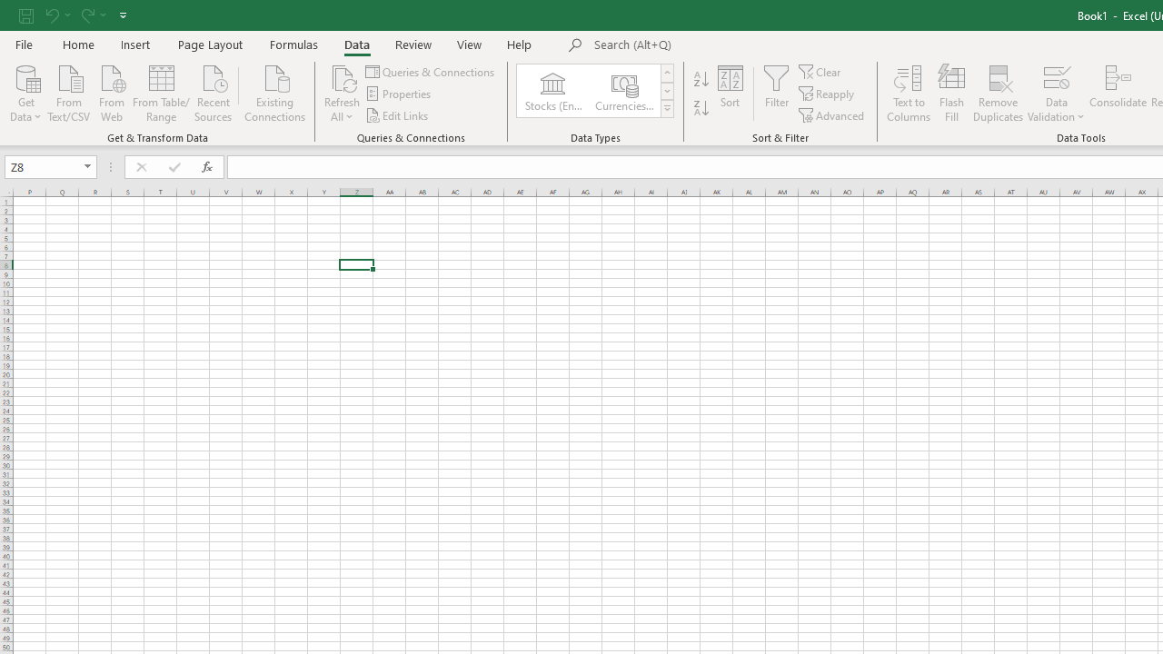 Image resolution: width=1163 pixels, height=654 pixels. What do you see at coordinates (831, 115) in the screenshot?
I see `'Advanced...'` at bounding box center [831, 115].